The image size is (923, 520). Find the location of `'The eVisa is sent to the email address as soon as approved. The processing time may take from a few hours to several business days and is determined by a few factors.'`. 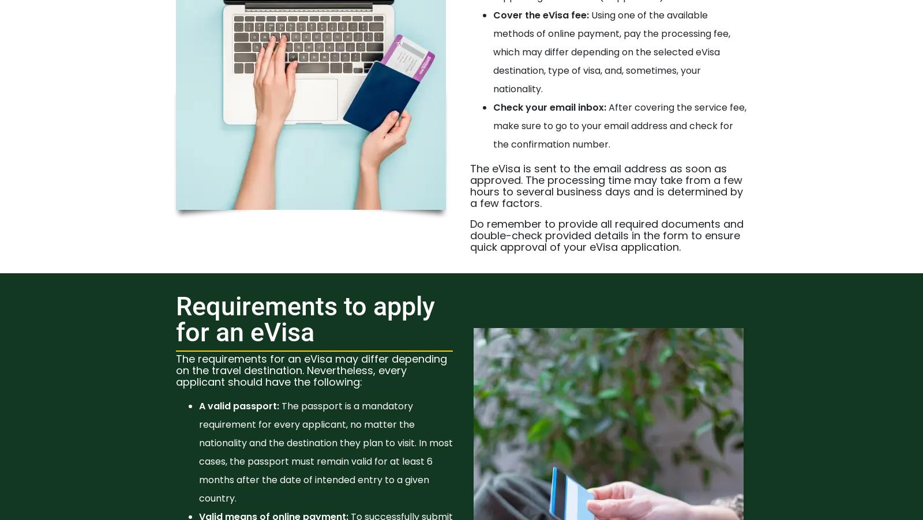

'The eVisa is sent to the email address as soon as approved. The processing time may take from a few hours to several business days and is determined by a few factors.' is located at coordinates (470, 184).